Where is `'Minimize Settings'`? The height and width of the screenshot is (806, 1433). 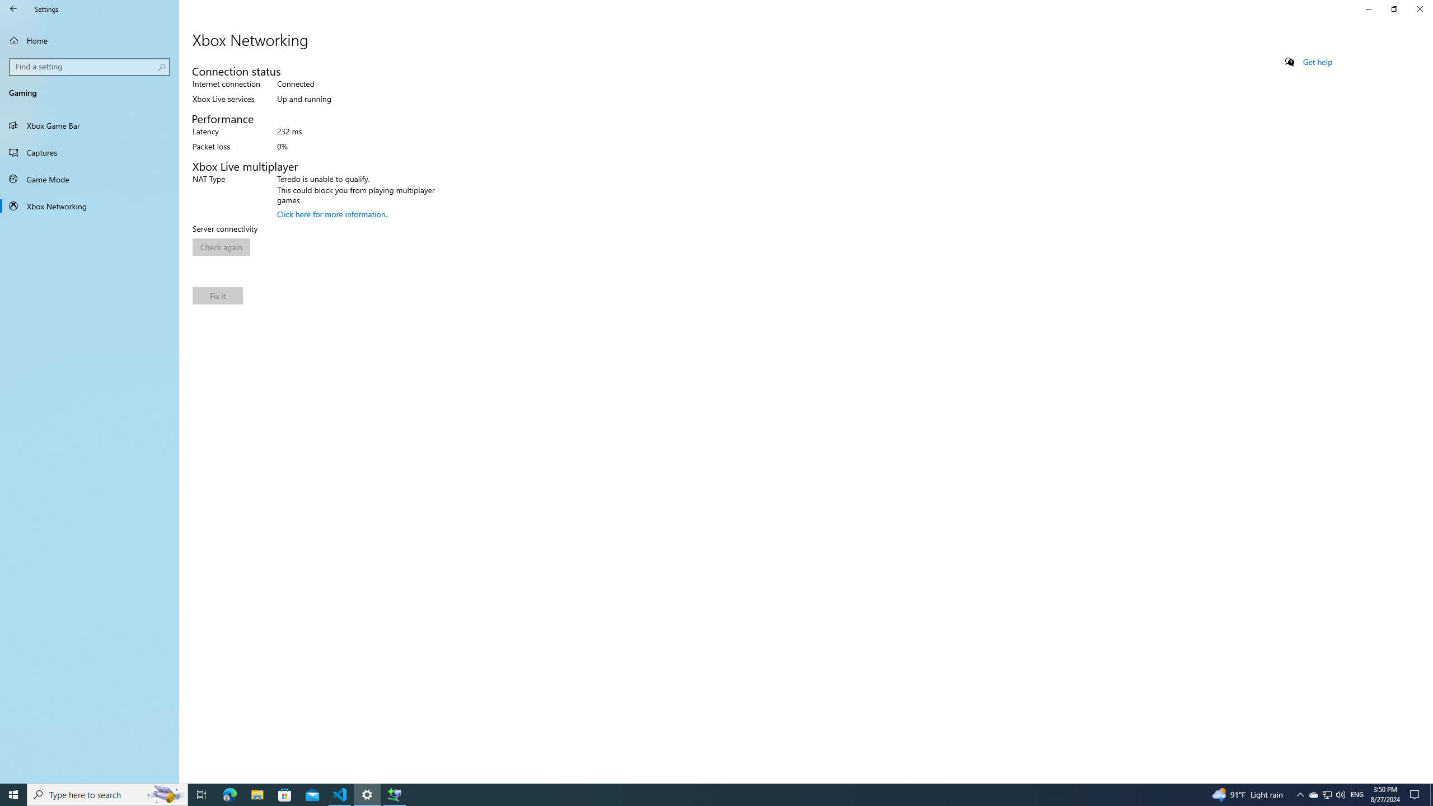
'Minimize Settings' is located at coordinates (1368, 8).